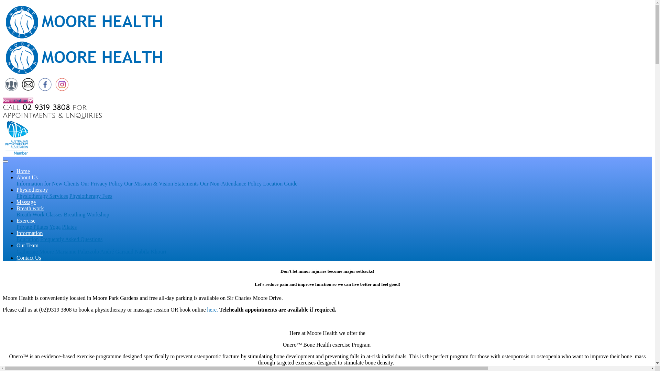  Describe the element at coordinates (44, 89) in the screenshot. I see `'Follow us on Facebook'` at that location.